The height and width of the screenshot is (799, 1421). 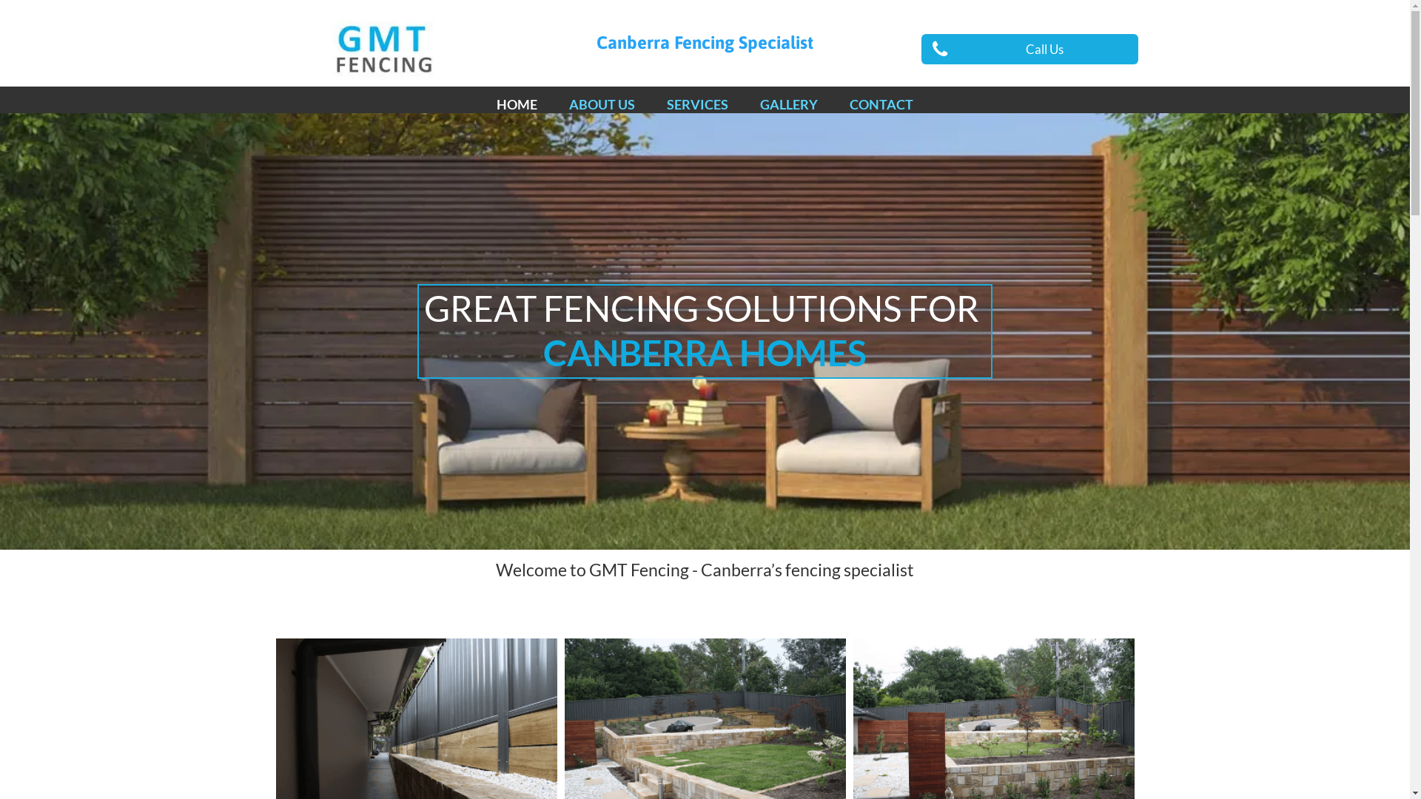 What do you see at coordinates (787, 104) in the screenshot?
I see `'GALLERY'` at bounding box center [787, 104].